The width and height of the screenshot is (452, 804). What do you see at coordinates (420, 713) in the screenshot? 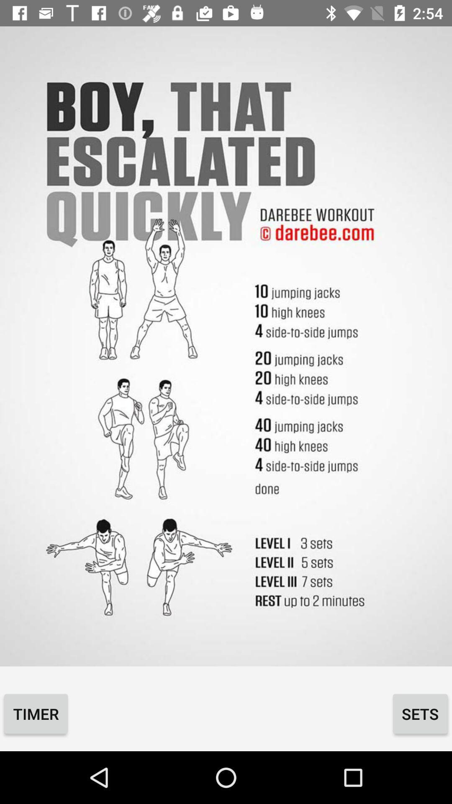
I see `the icon next to timer` at bounding box center [420, 713].